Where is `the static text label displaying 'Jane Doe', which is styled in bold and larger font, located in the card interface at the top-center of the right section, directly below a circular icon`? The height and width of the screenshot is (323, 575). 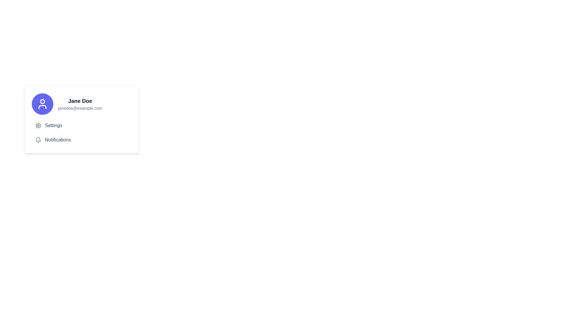
the static text label displaying 'Jane Doe', which is styled in bold and larger font, located in the card interface at the top-center of the right section, directly below a circular icon is located at coordinates (80, 101).